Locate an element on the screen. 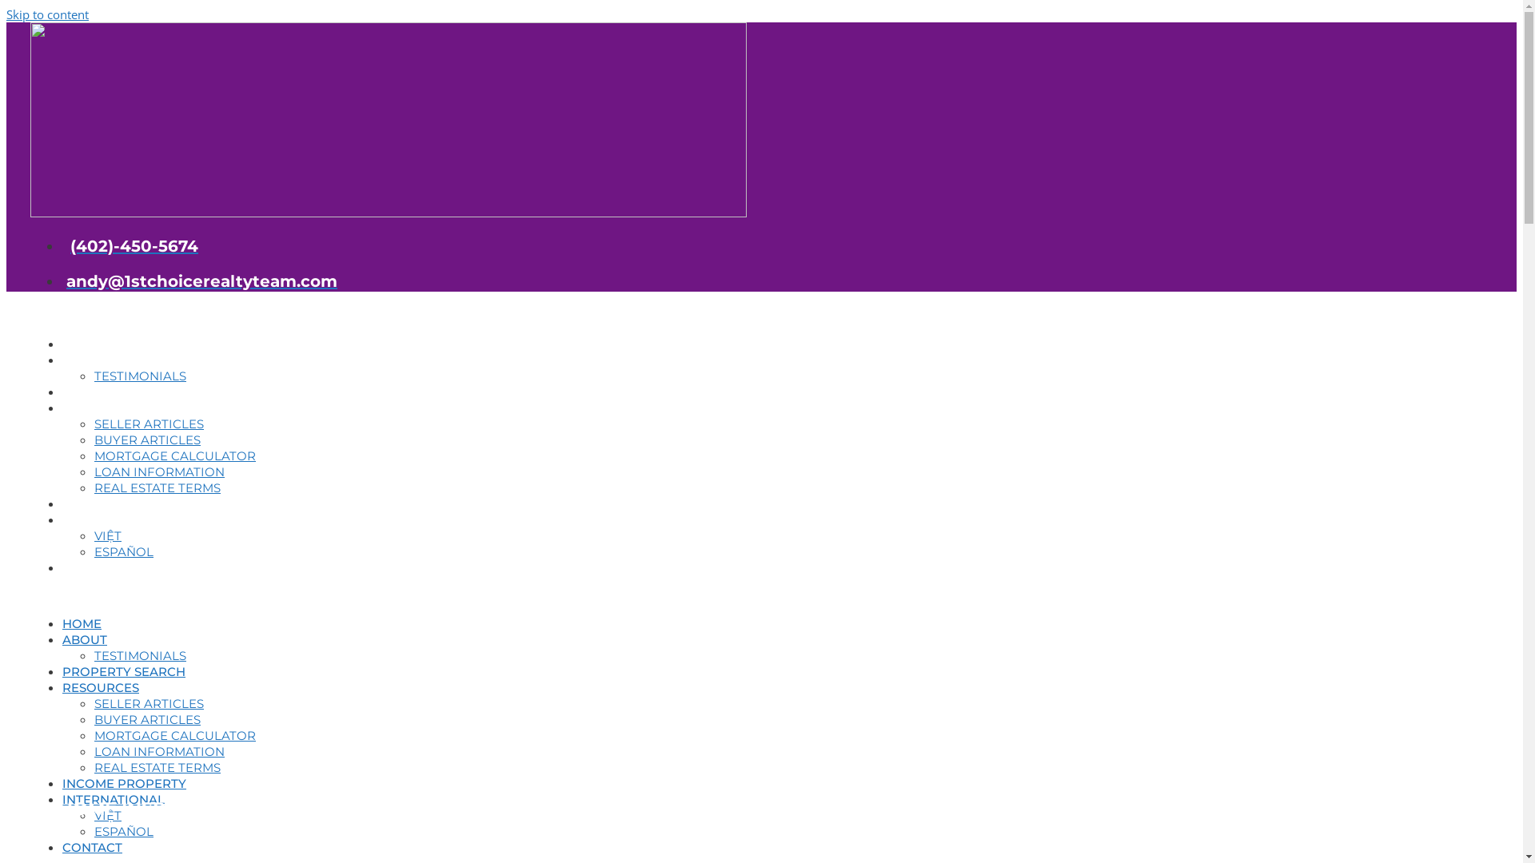  'INTERNATIONAL' is located at coordinates (113, 799).